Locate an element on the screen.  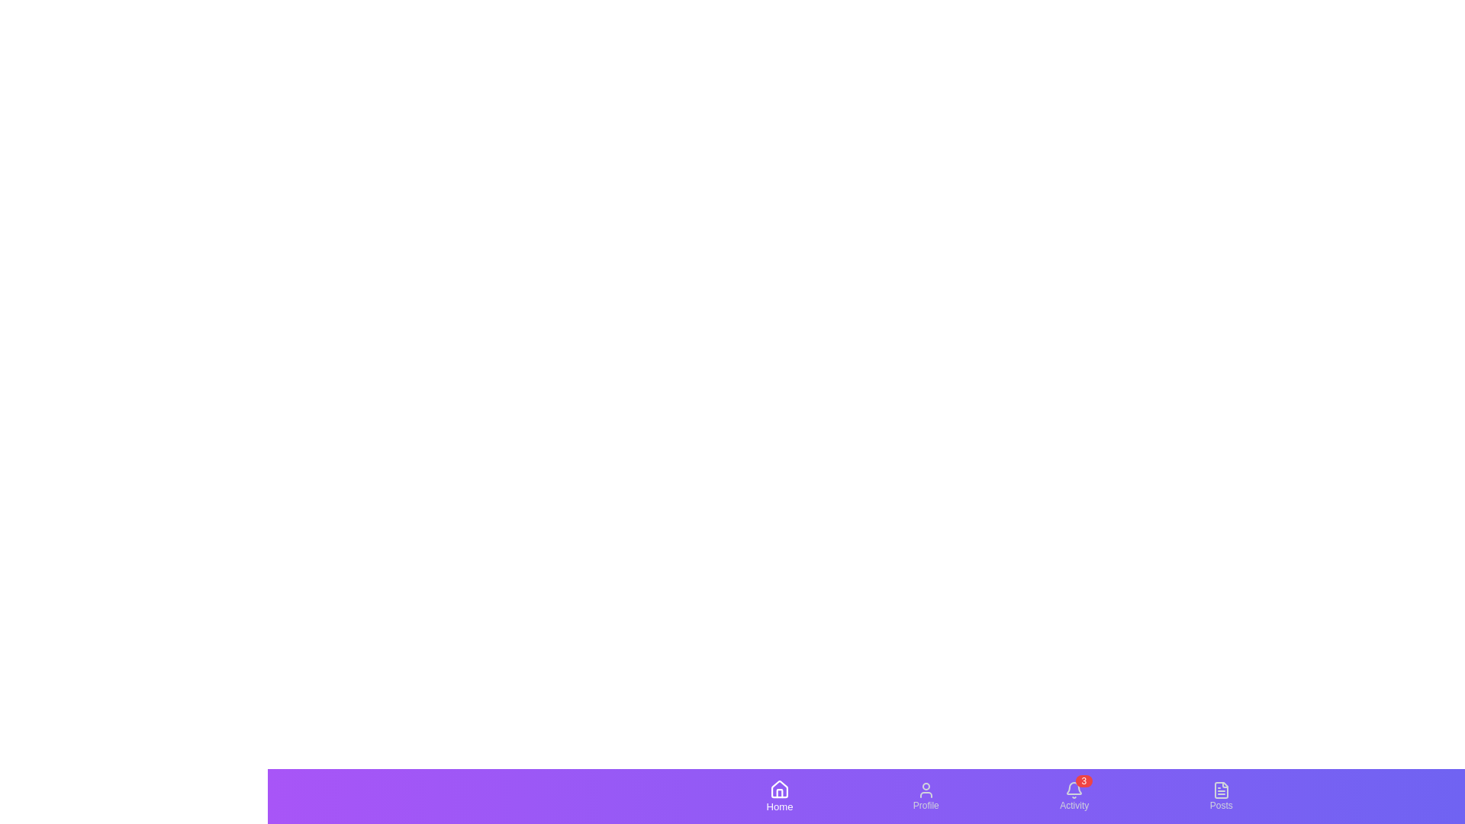
the tab labeled Home to observe its visual feedback is located at coordinates (780, 796).